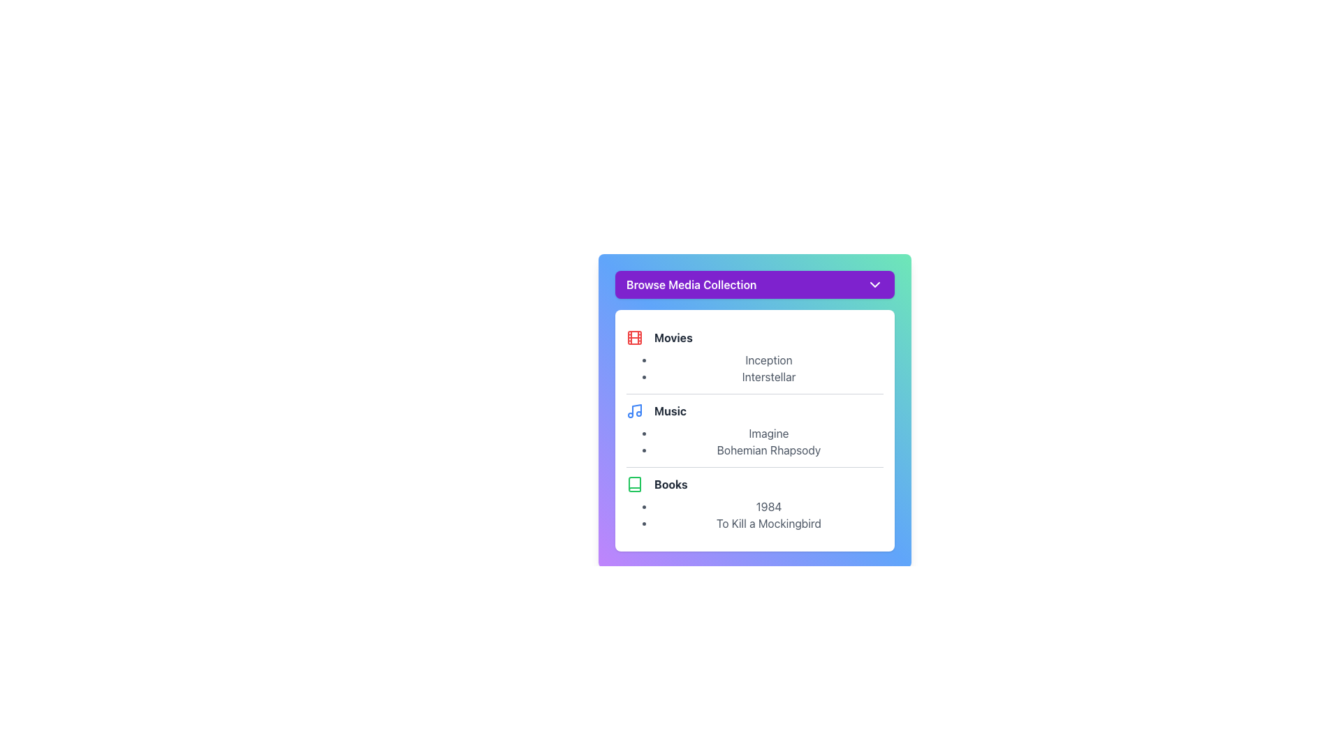 This screenshot has width=1341, height=754. I want to click on the text label 'Imagine' which is the first item in the list under the 'Music' section, displayed in dark gray color and aligned to the left, so click(768, 433).